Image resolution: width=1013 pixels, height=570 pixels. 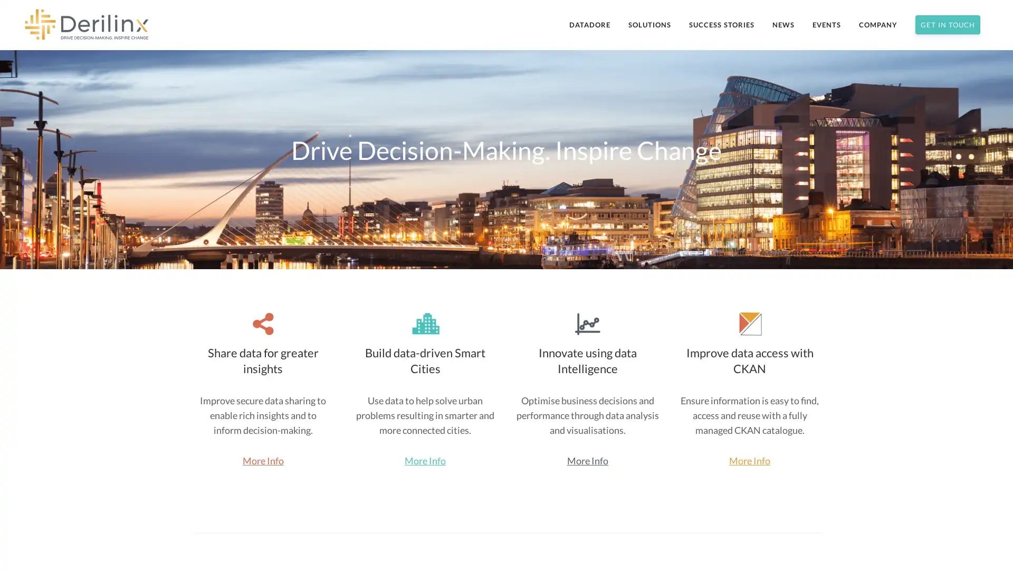 I want to click on Subscribe Now, so click(x=901, y=549).